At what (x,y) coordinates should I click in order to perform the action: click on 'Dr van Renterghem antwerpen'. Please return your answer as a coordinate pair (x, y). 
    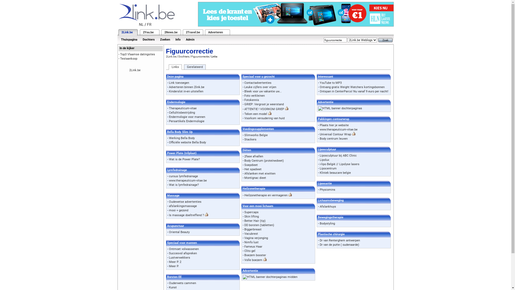
    Looking at the image, I should click on (319, 240).